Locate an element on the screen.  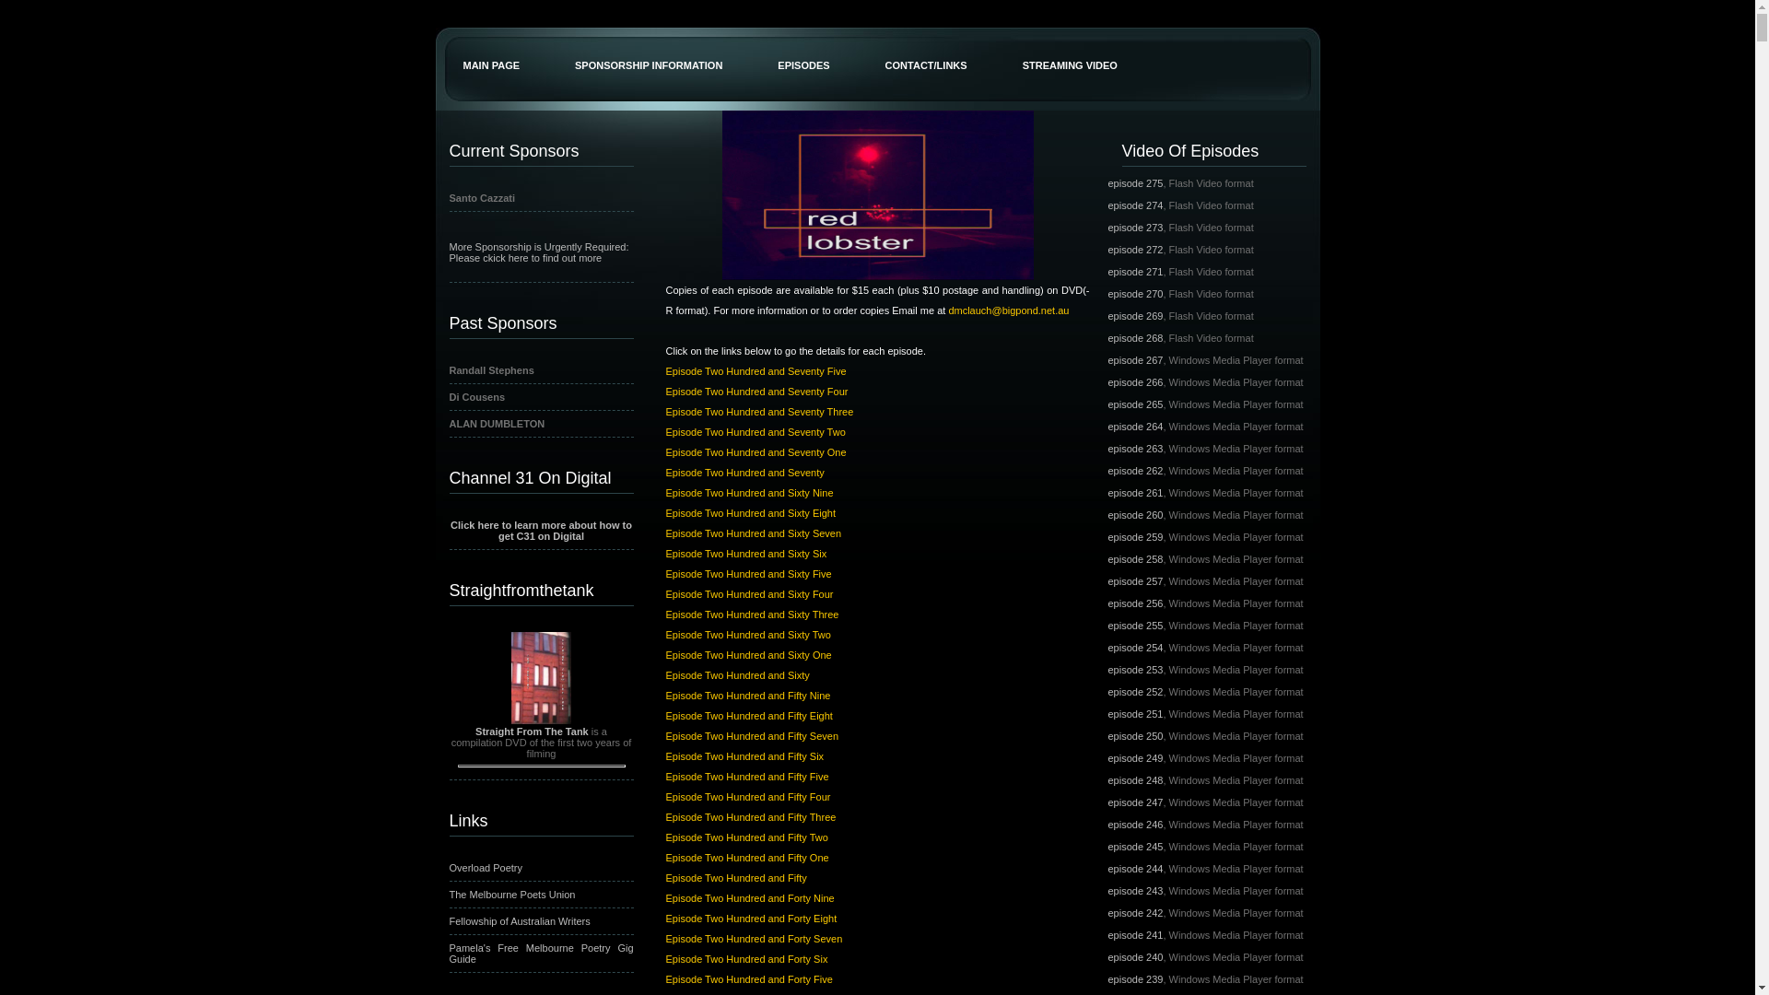
'Straight From The Tank' is located at coordinates (531, 731).